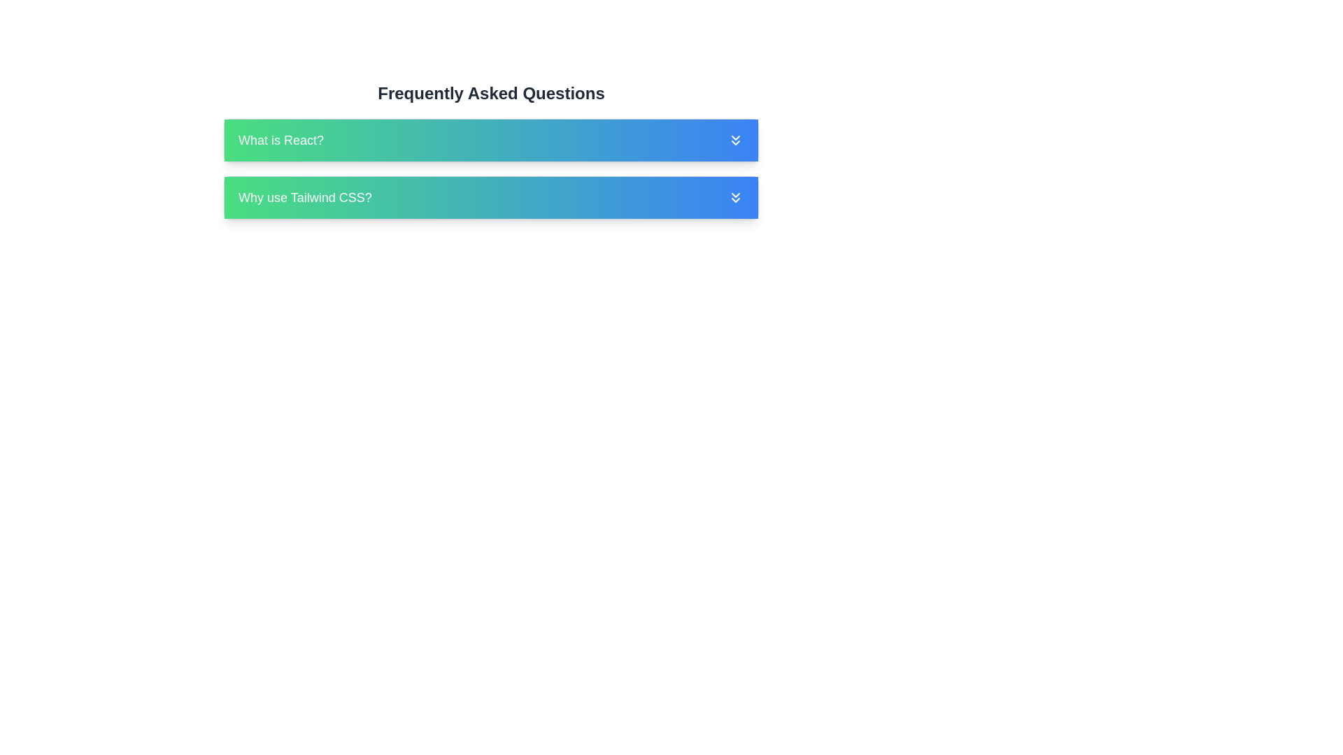 The width and height of the screenshot is (1343, 755). Describe the element at coordinates (734, 197) in the screenshot. I see `the SVG icon featuring two stacked downward-pointing chevrons, which is located on the far-right edge of the 'Why use Tailwind CSS?' section` at that location.